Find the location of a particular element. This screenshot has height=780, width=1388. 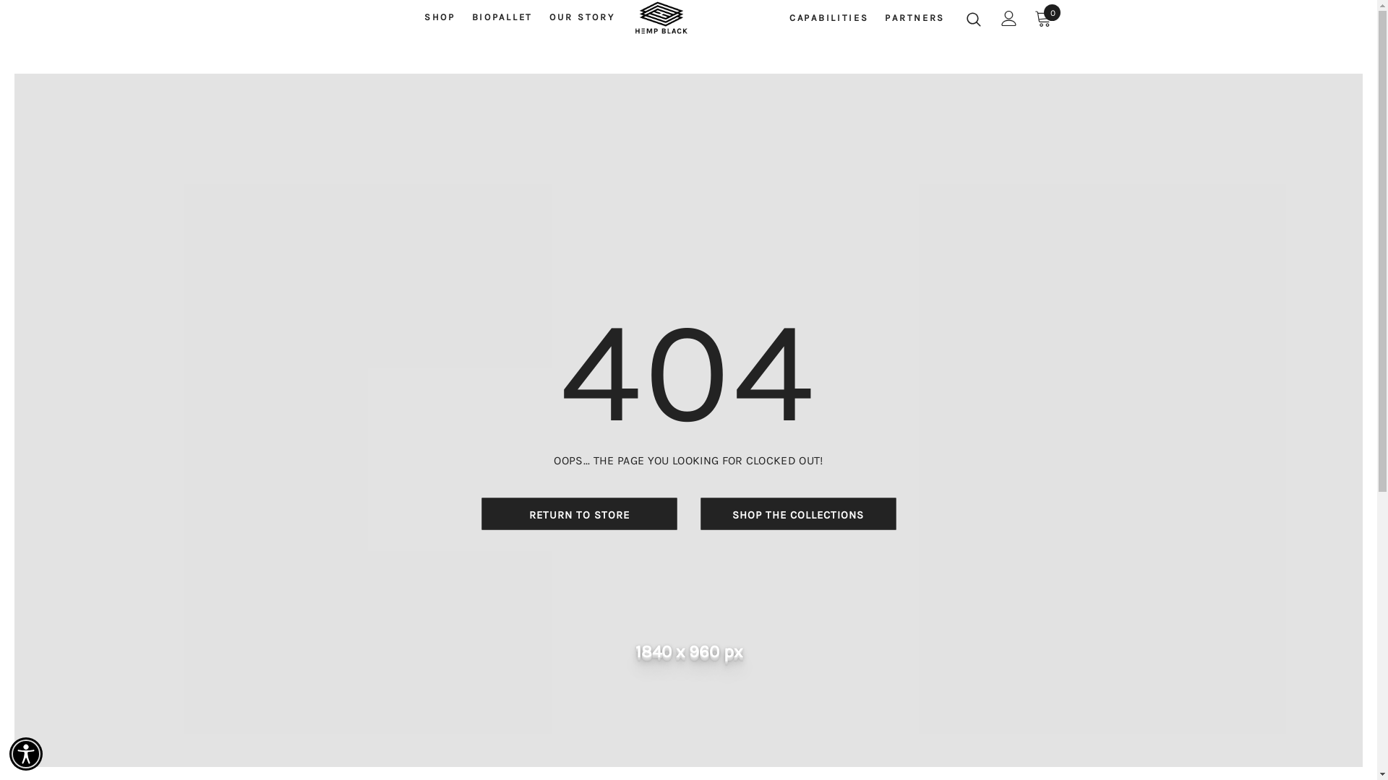

'Search Icon' is located at coordinates (974, 19).